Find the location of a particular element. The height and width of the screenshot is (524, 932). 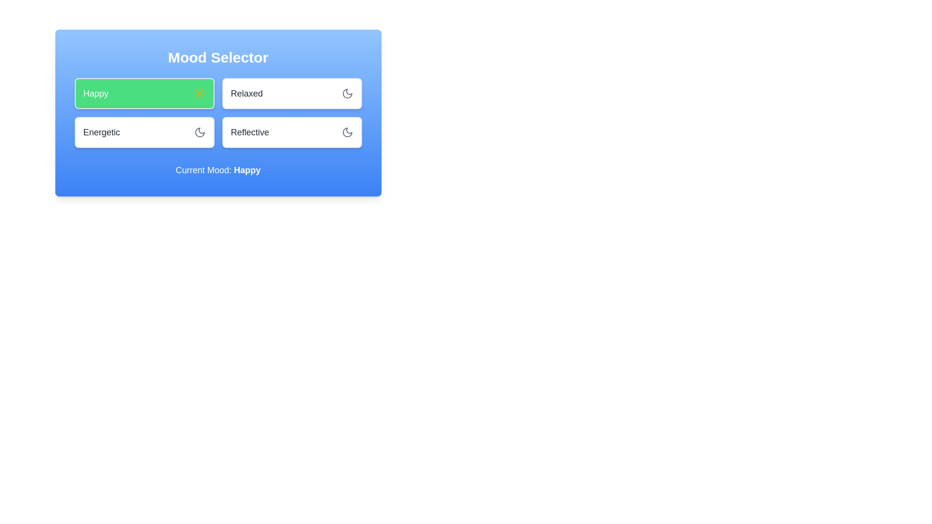

the mood Reflective by clicking on its corresponding button is located at coordinates (291, 132).